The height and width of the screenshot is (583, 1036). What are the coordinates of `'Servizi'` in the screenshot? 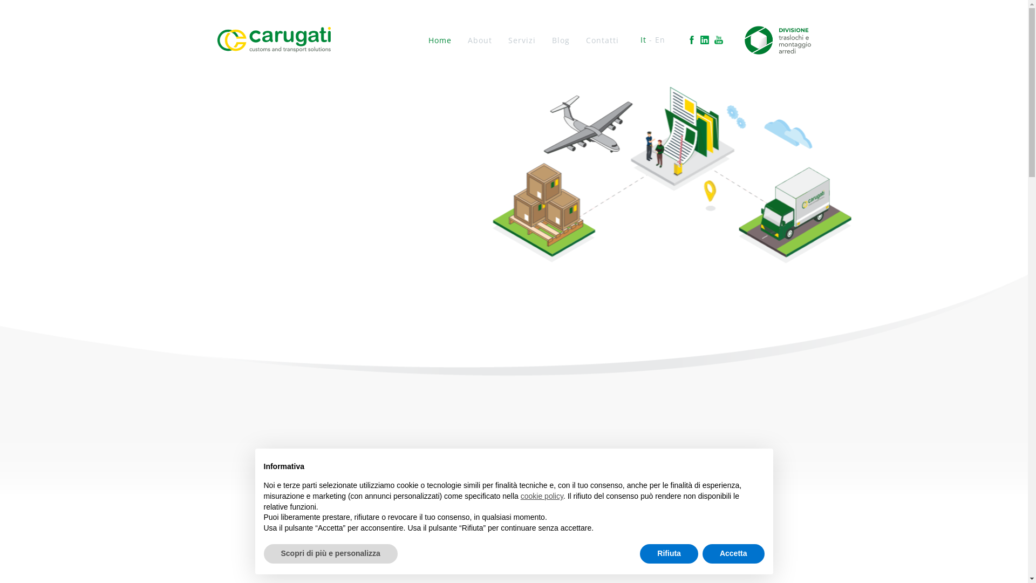 It's located at (522, 39).